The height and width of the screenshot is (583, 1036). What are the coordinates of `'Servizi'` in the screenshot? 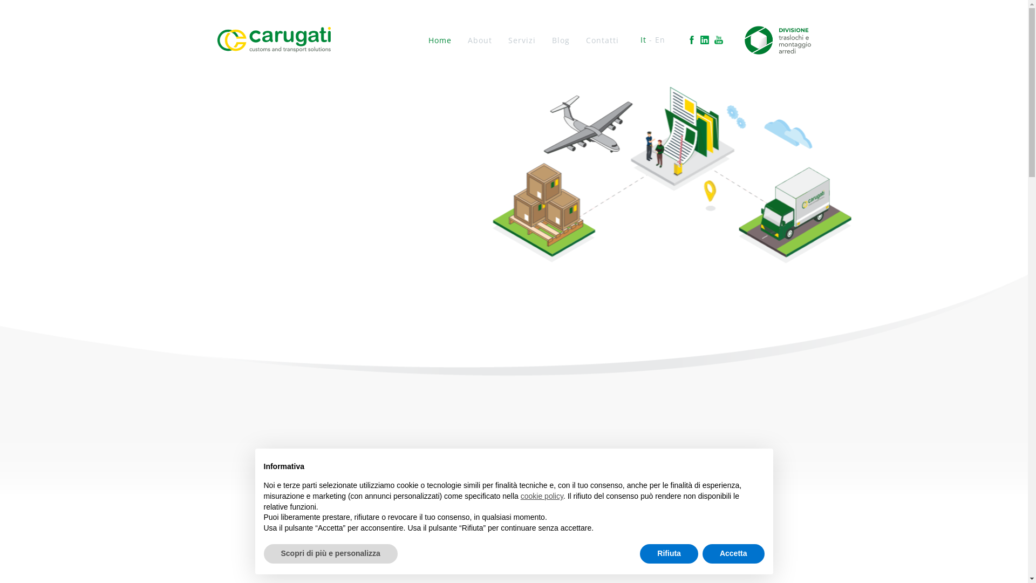 It's located at (522, 39).